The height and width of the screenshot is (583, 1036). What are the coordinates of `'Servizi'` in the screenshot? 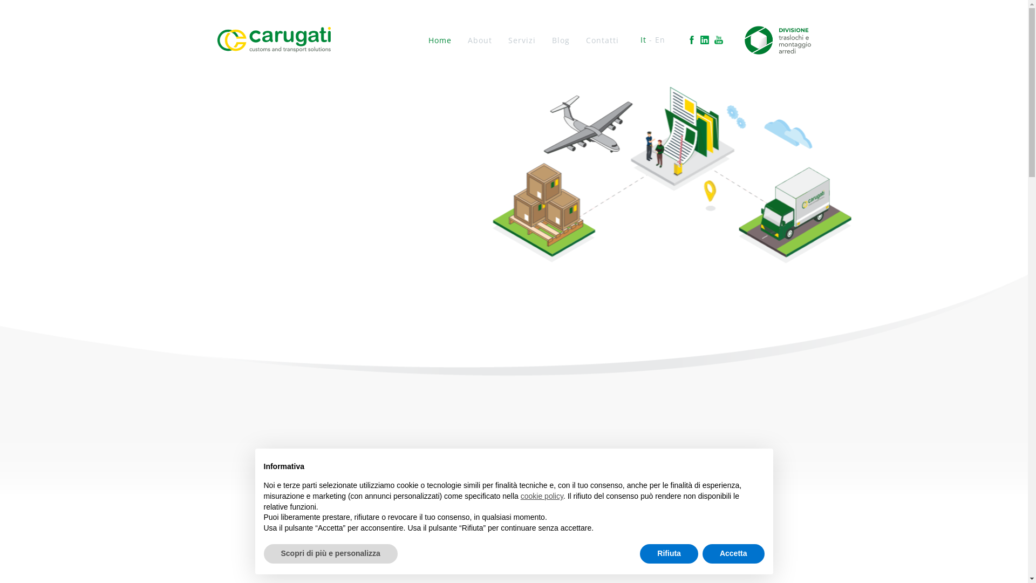 It's located at (522, 39).